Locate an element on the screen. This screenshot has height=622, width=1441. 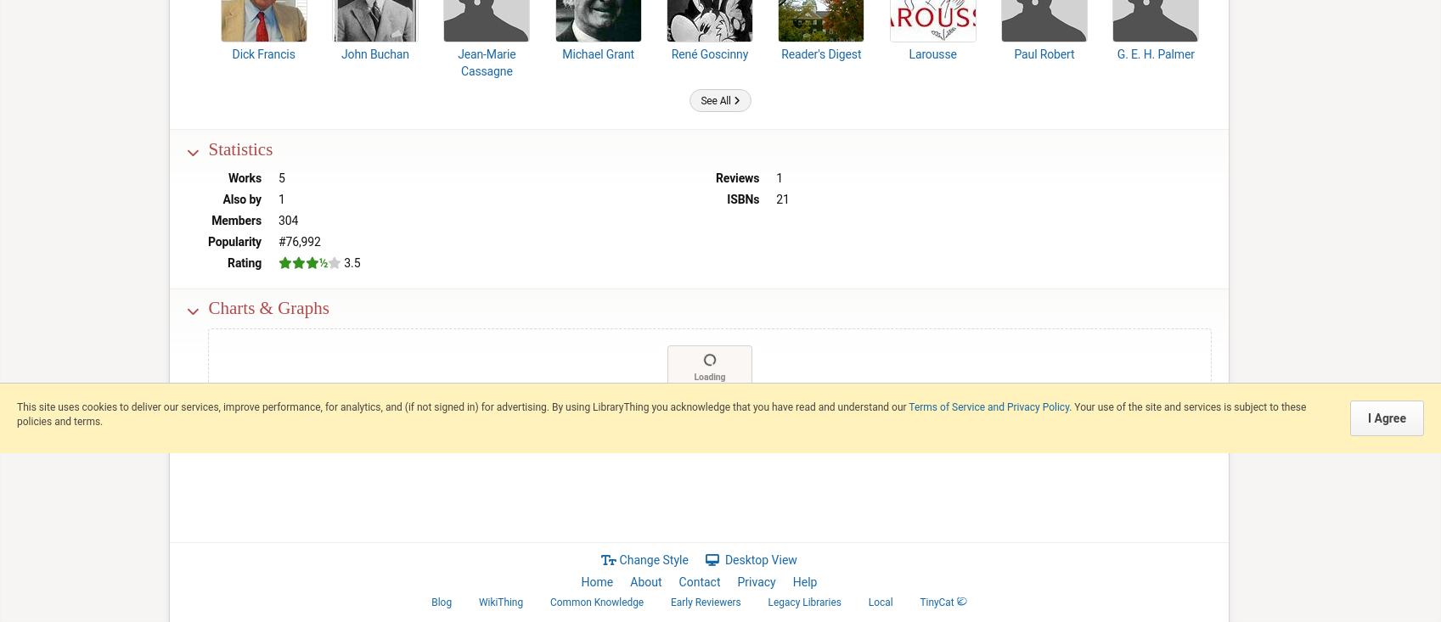
'304' is located at coordinates (288, 219).